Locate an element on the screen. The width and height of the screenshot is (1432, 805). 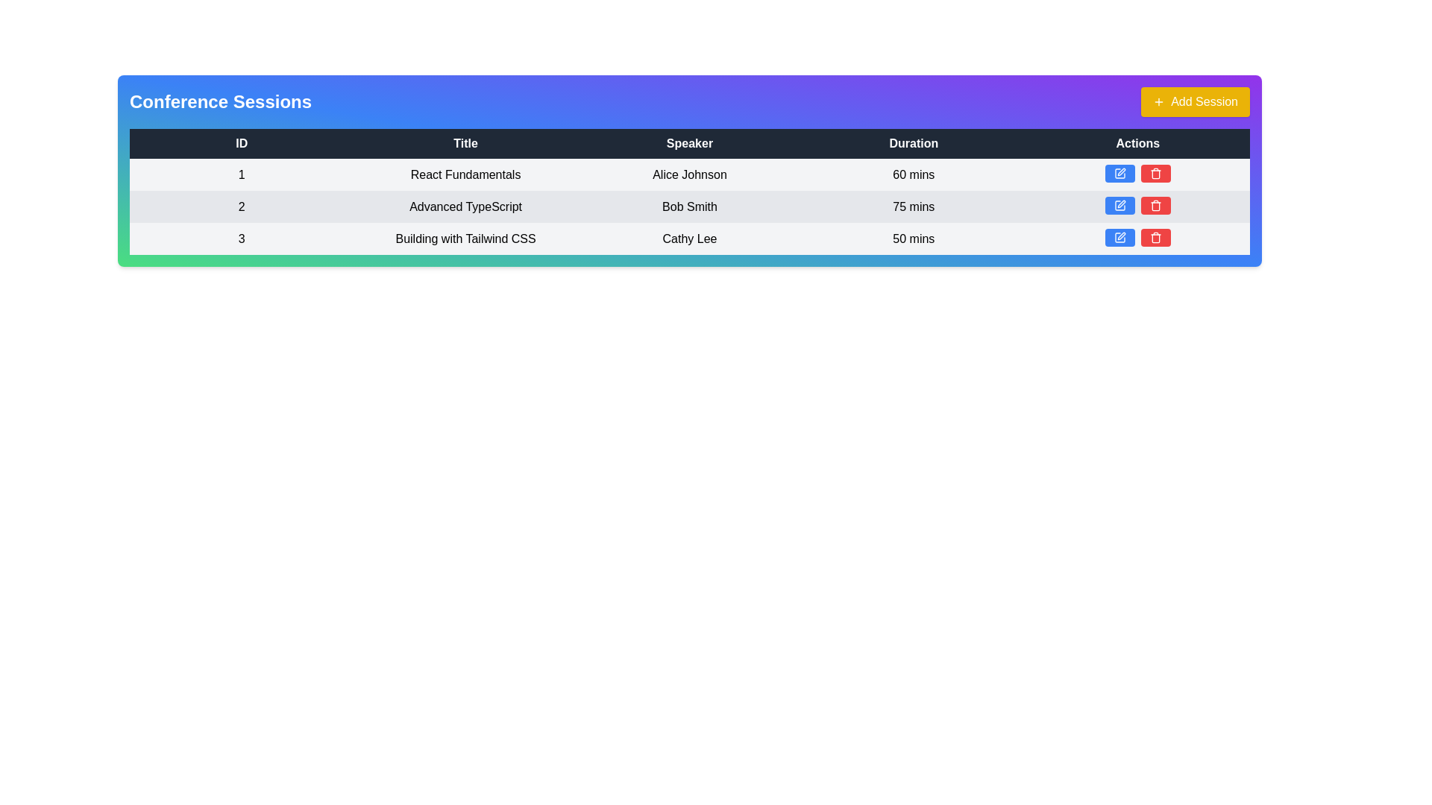
the red trash bin icon located in the 'Actions' column of the third row of the table is located at coordinates (1155, 172).